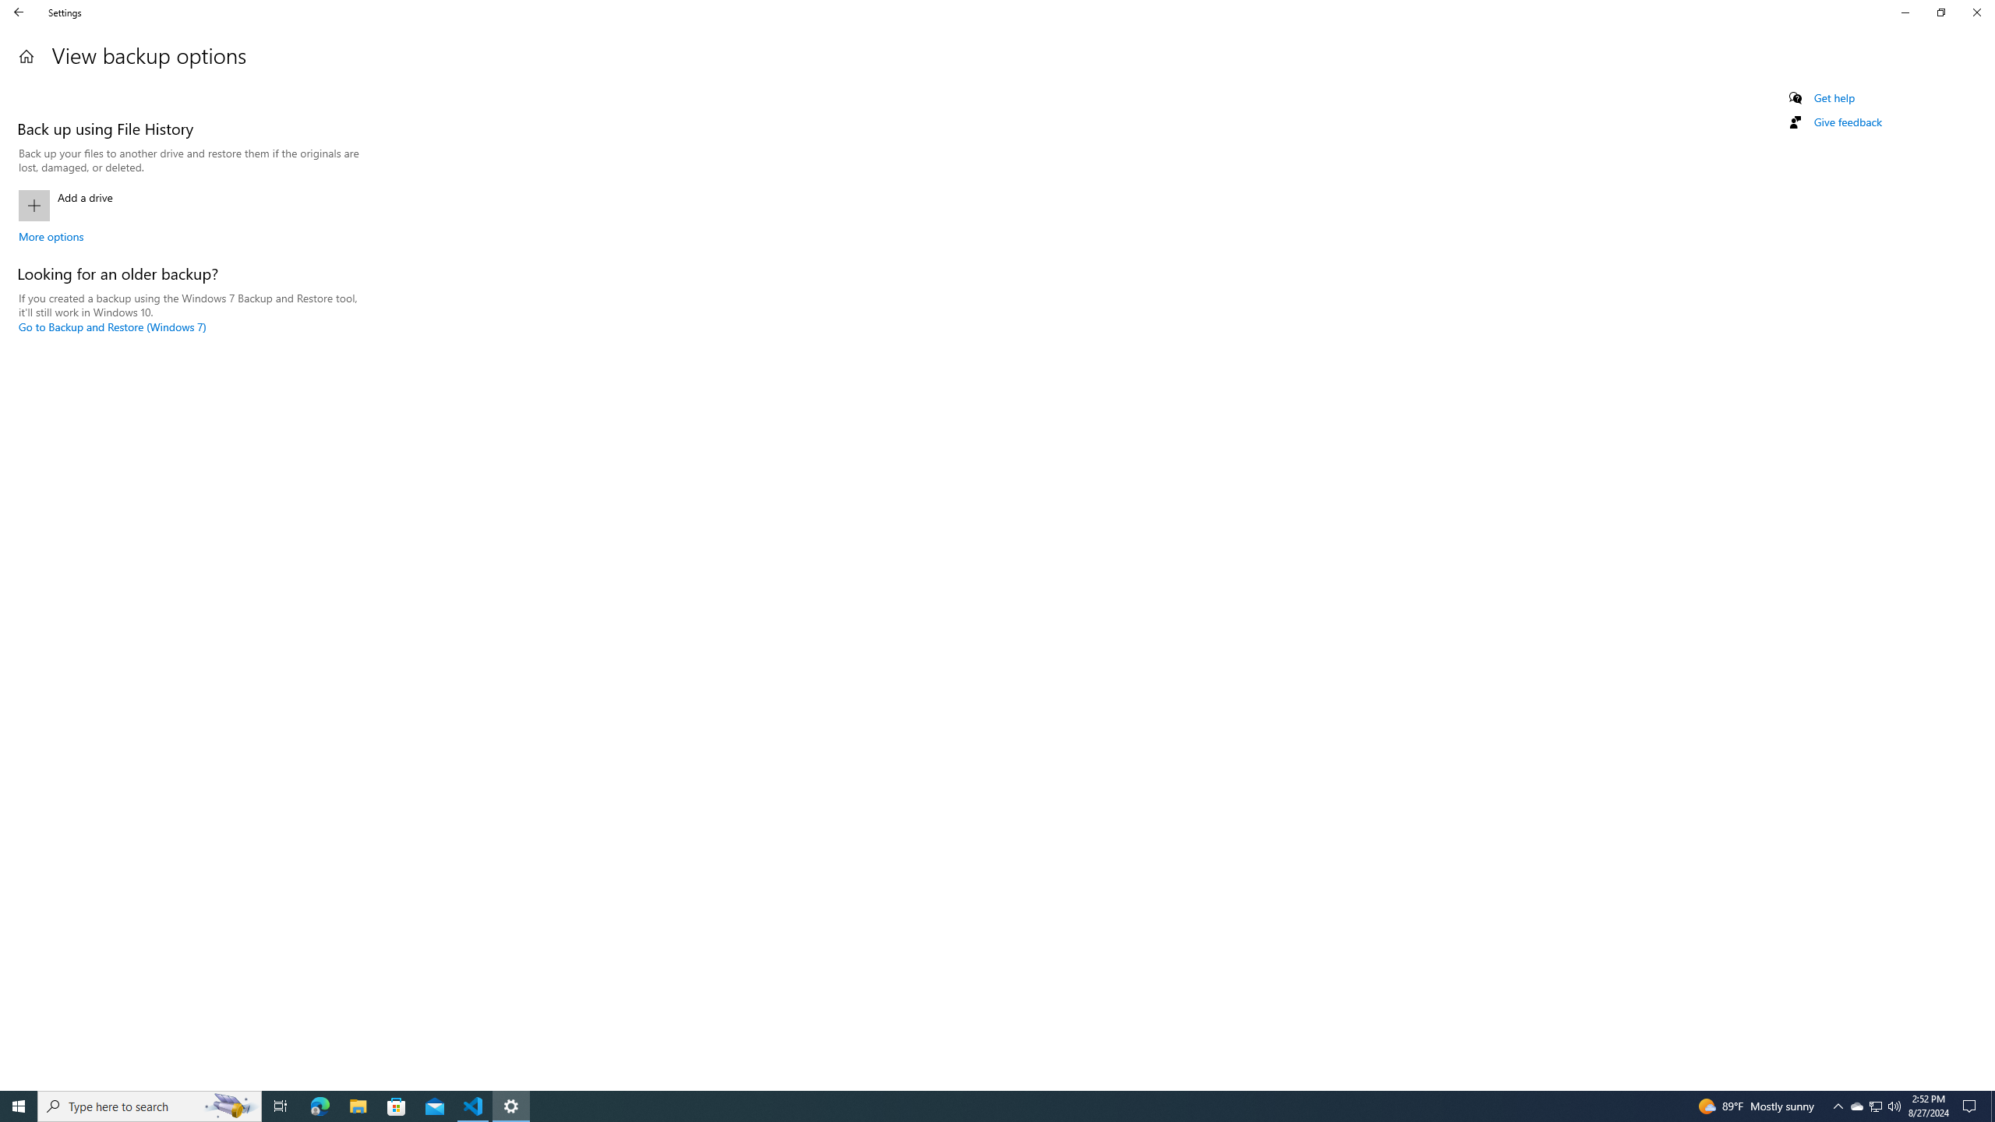 Image resolution: width=1995 pixels, height=1122 pixels. What do you see at coordinates (111, 326) in the screenshot?
I see `'Go to Backup and Restore (Windows 7)'` at bounding box center [111, 326].